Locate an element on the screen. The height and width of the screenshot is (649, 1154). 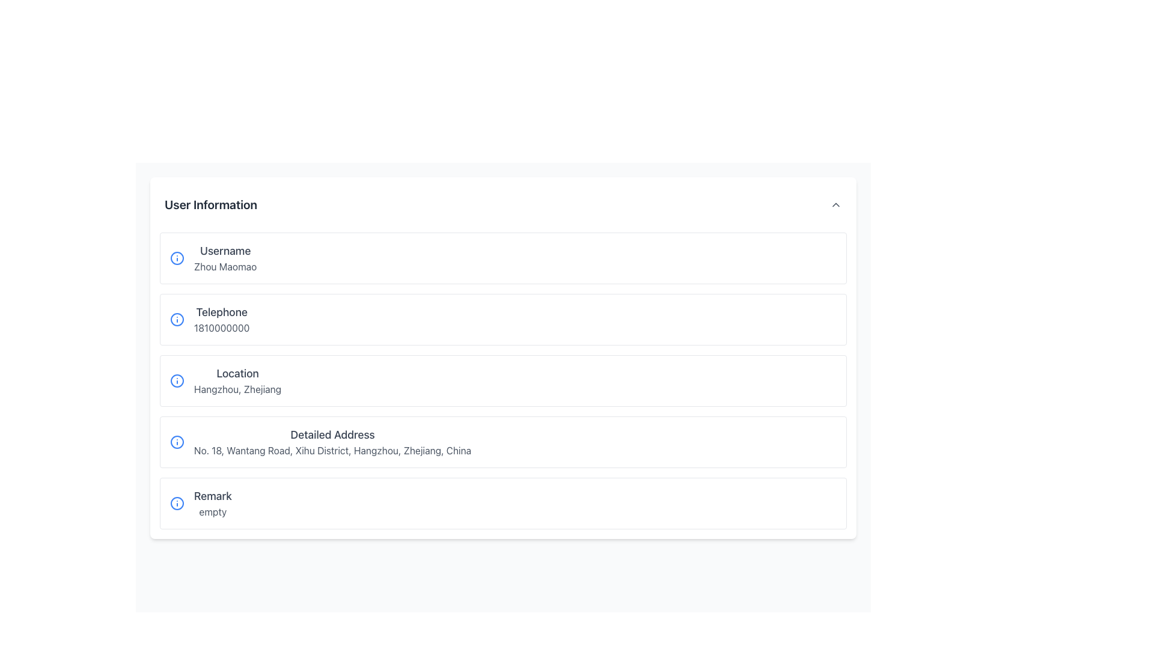
the informational icon located to the left of the 'Detailed Address' section, which provides additional information or help is located at coordinates (176, 442).